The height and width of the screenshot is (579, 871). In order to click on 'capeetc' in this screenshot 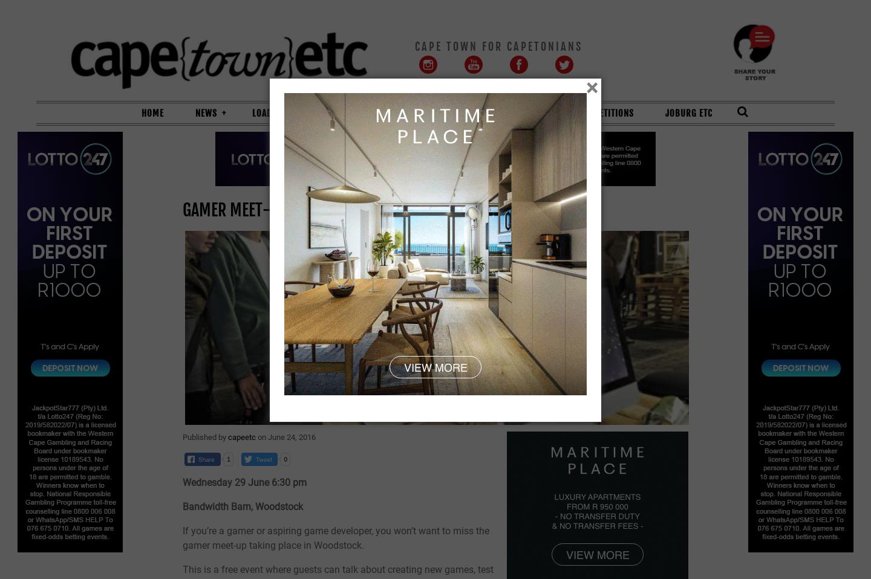, I will do `click(241, 437)`.